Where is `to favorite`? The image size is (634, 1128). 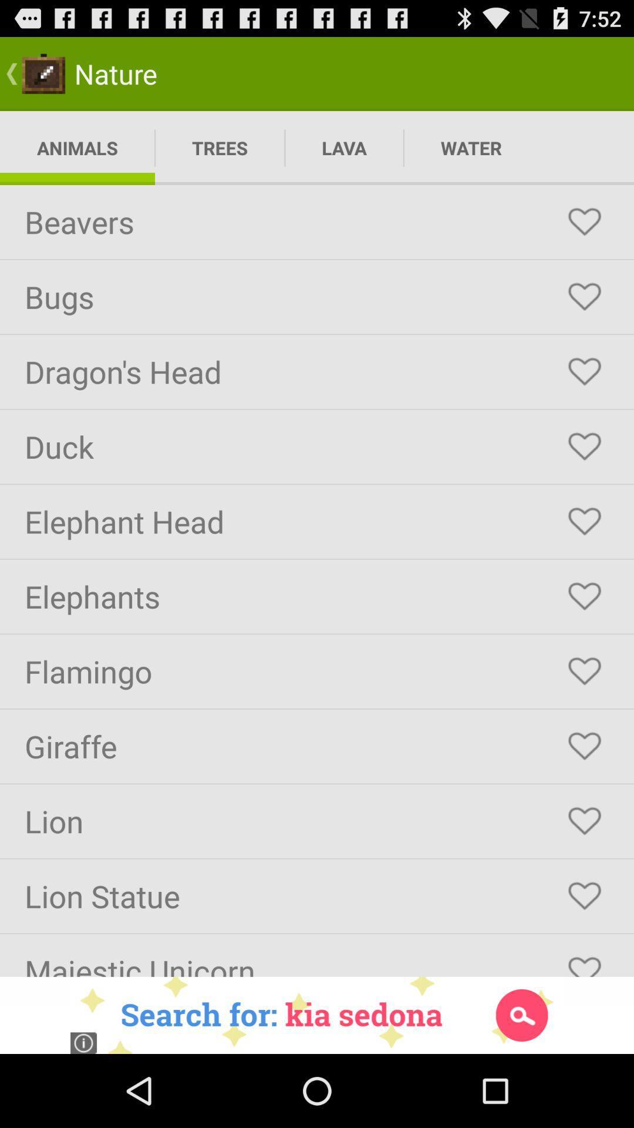 to favorite is located at coordinates (584, 820).